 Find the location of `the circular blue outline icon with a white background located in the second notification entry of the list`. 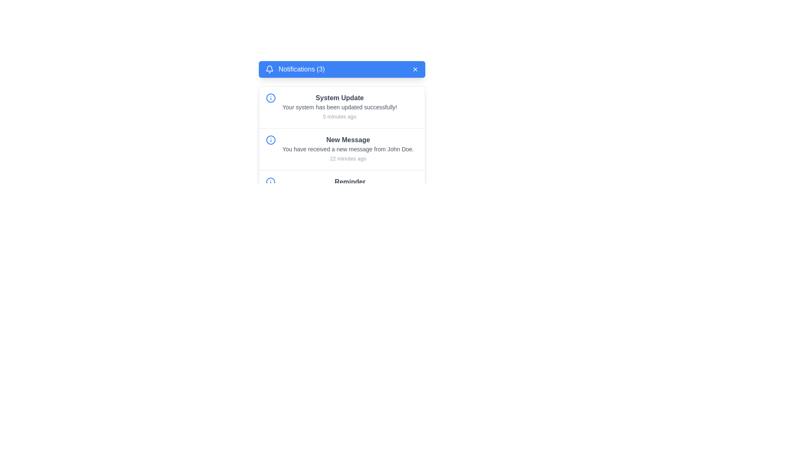

the circular blue outline icon with a white background located in the second notification entry of the list is located at coordinates (270, 139).